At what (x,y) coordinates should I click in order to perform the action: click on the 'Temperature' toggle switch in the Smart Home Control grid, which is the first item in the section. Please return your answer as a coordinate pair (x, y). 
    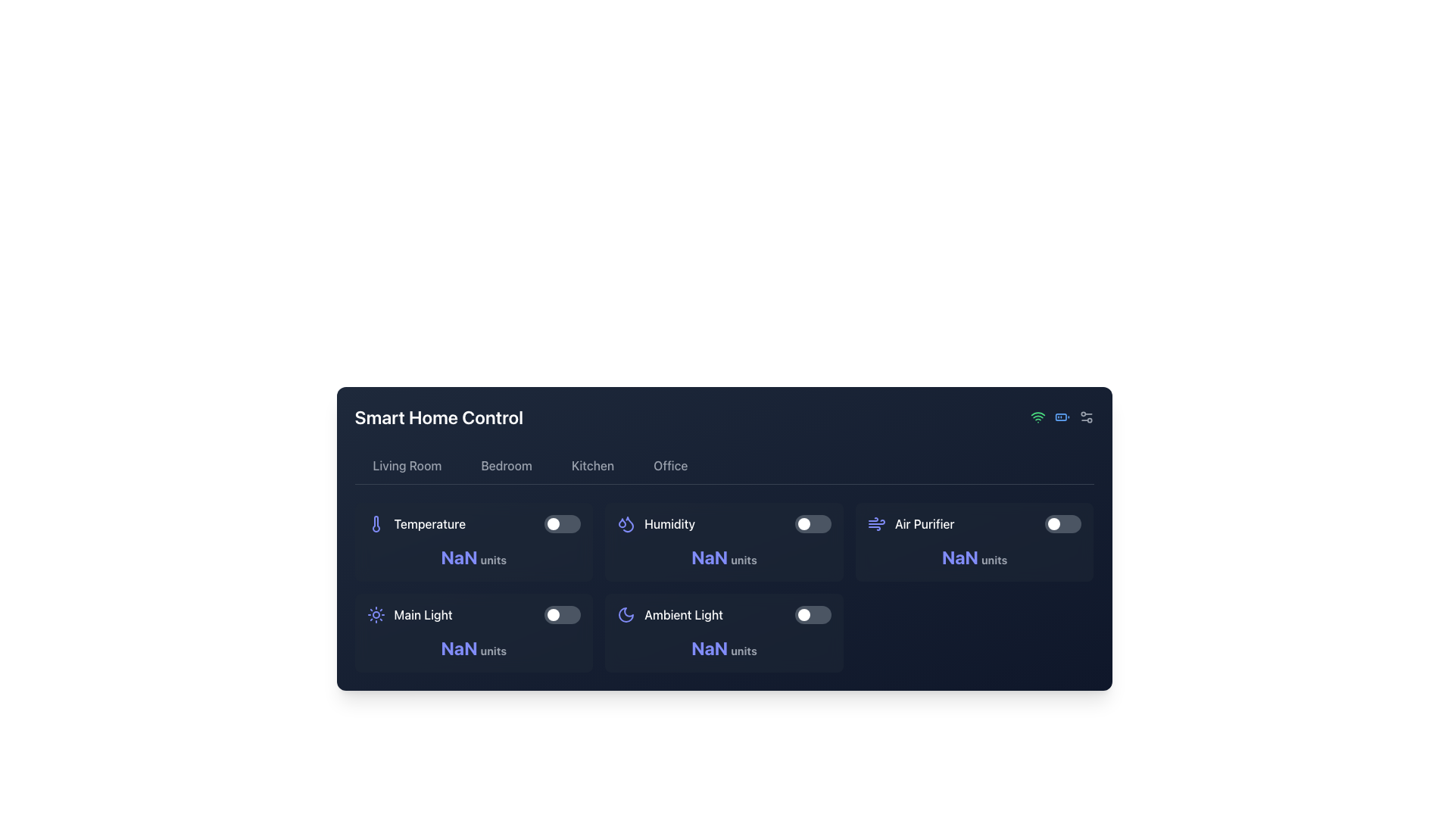
    Looking at the image, I should click on (473, 523).